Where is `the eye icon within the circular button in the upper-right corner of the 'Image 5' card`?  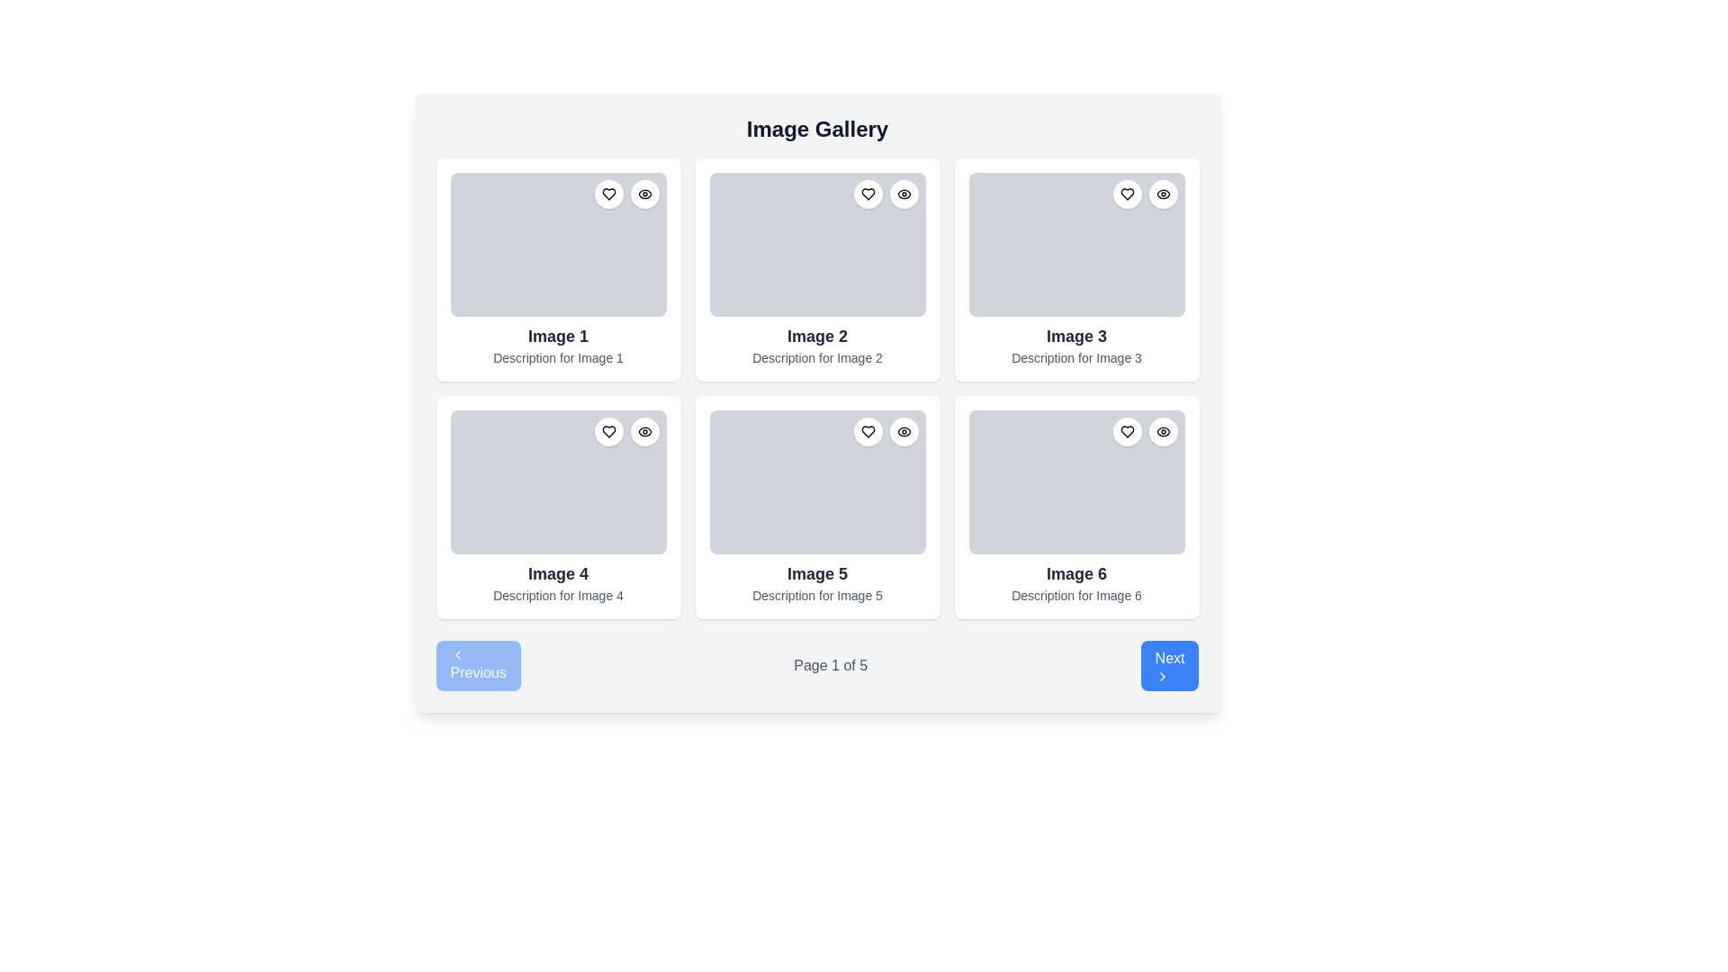 the eye icon within the circular button in the upper-right corner of the 'Image 5' card is located at coordinates (904, 431).